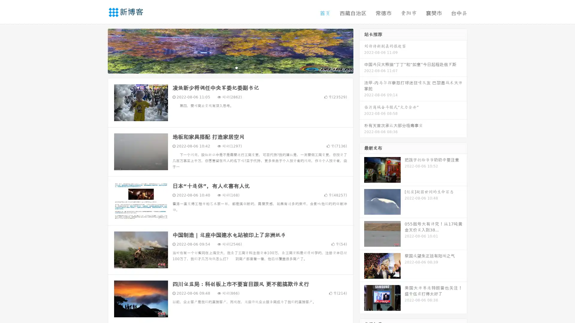 The width and height of the screenshot is (575, 323). Describe the element at coordinates (230, 67) in the screenshot. I see `Go to slide 2` at that location.